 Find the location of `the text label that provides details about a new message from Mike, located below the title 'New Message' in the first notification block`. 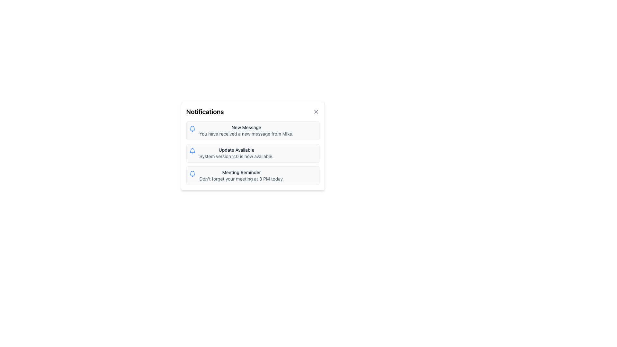

the text label that provides details about a new message from Mike, located below the title 'New Message' in the first notification block is located at coordinates (246, 133).